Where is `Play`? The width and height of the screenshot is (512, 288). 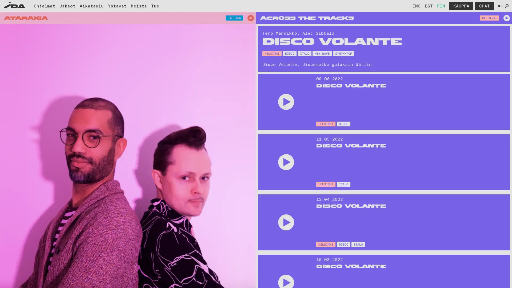
Play is located at coordinates (506, 17).